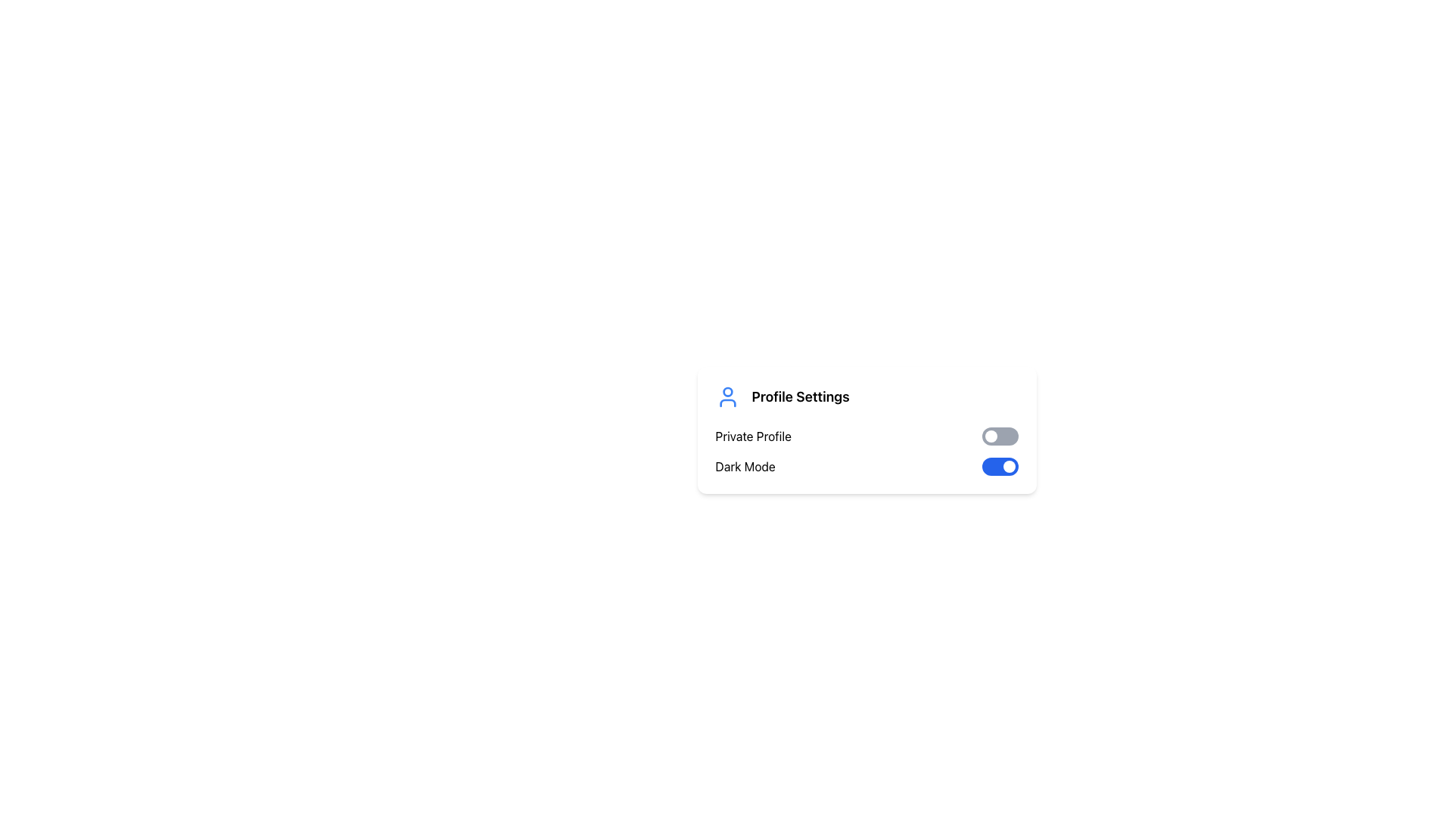 Image resolution: width=1453 pixels, height=817 pixels. Describe the element at coordinates (1000, 466) in the screenshot. I see `the circular handle of the Dark Mode toggle switch` at that location.